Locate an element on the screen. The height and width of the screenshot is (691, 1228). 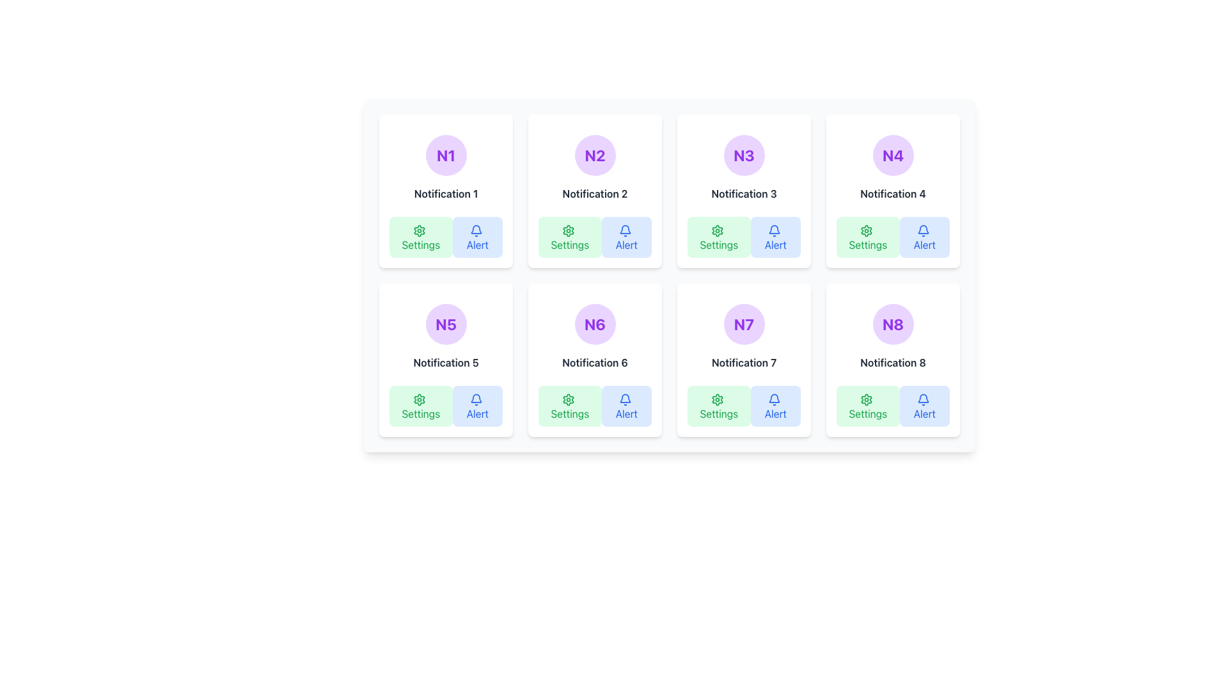
the alert button located to the right of the green 'Settings' button in the 'Notification 2' card is located at coordinates (626, 237).